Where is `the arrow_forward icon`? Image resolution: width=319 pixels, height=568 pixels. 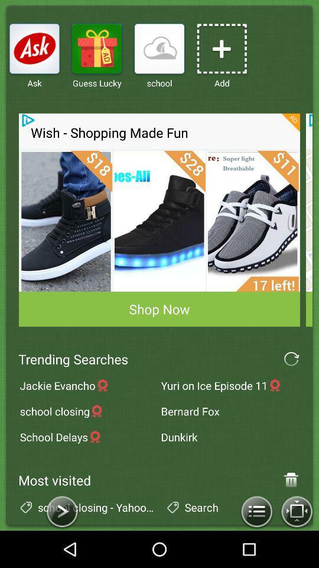 the arrow_forward icon is located at coordinates (62, 548).